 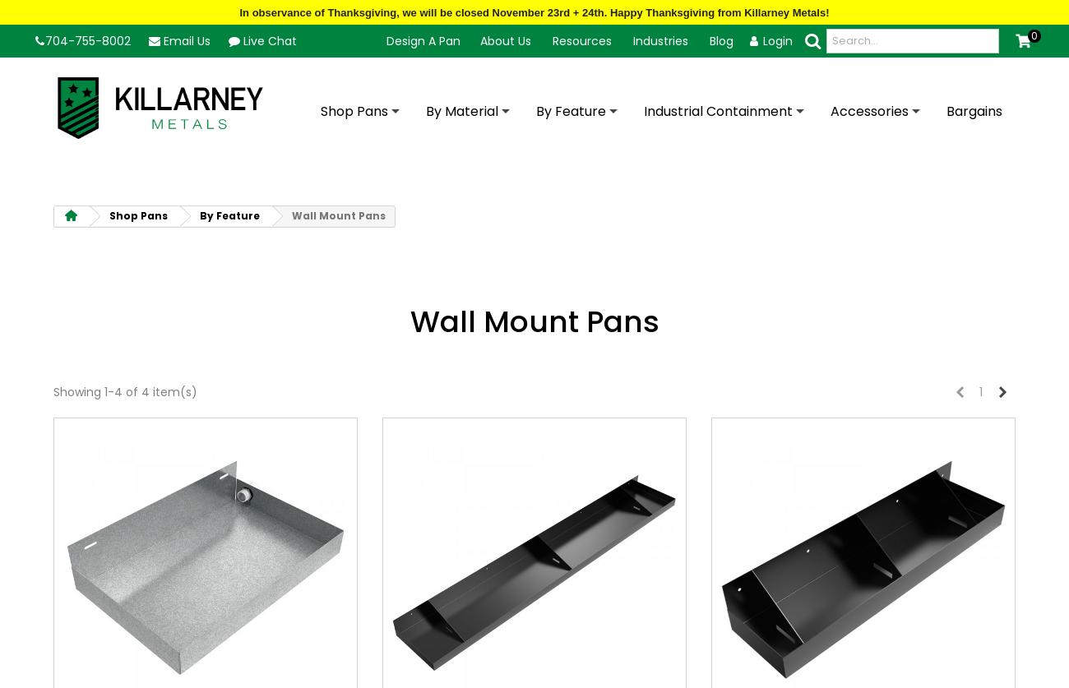 I want to click on 'Blog', so click(x=709, y=39).